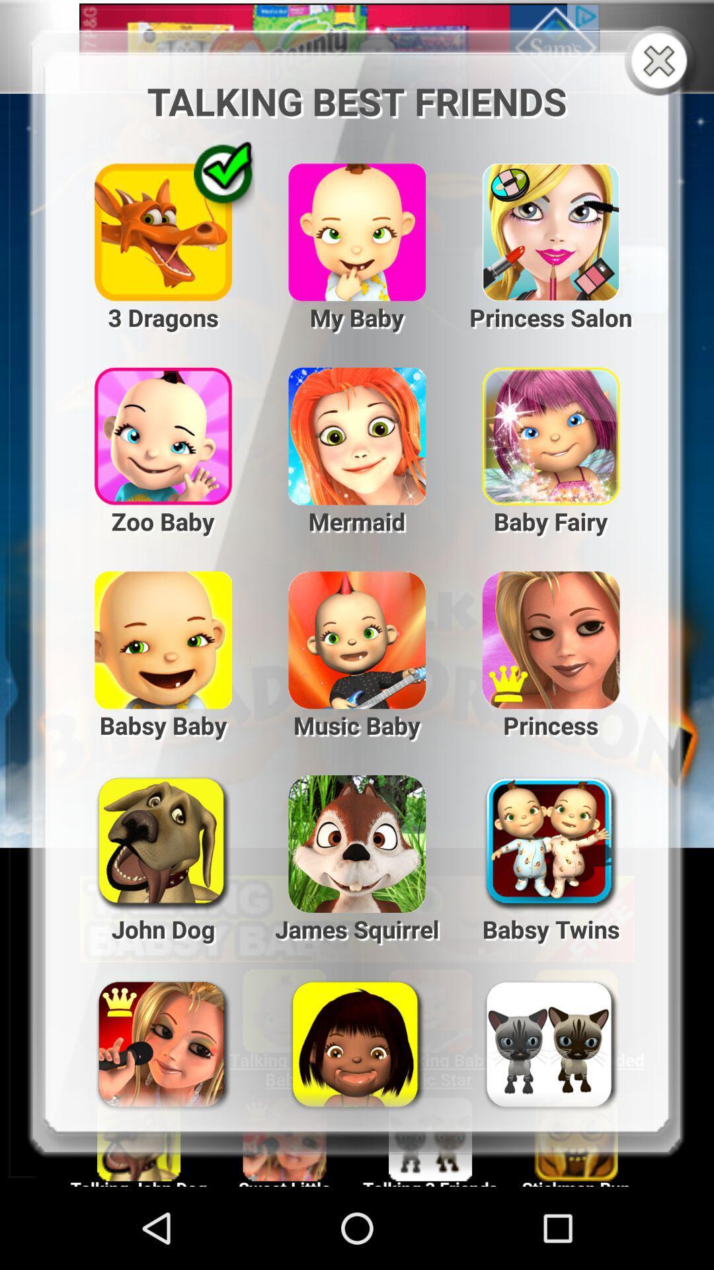  Describe the element at coordinates (662, 62) in the screenshot. I see `close` at that location.